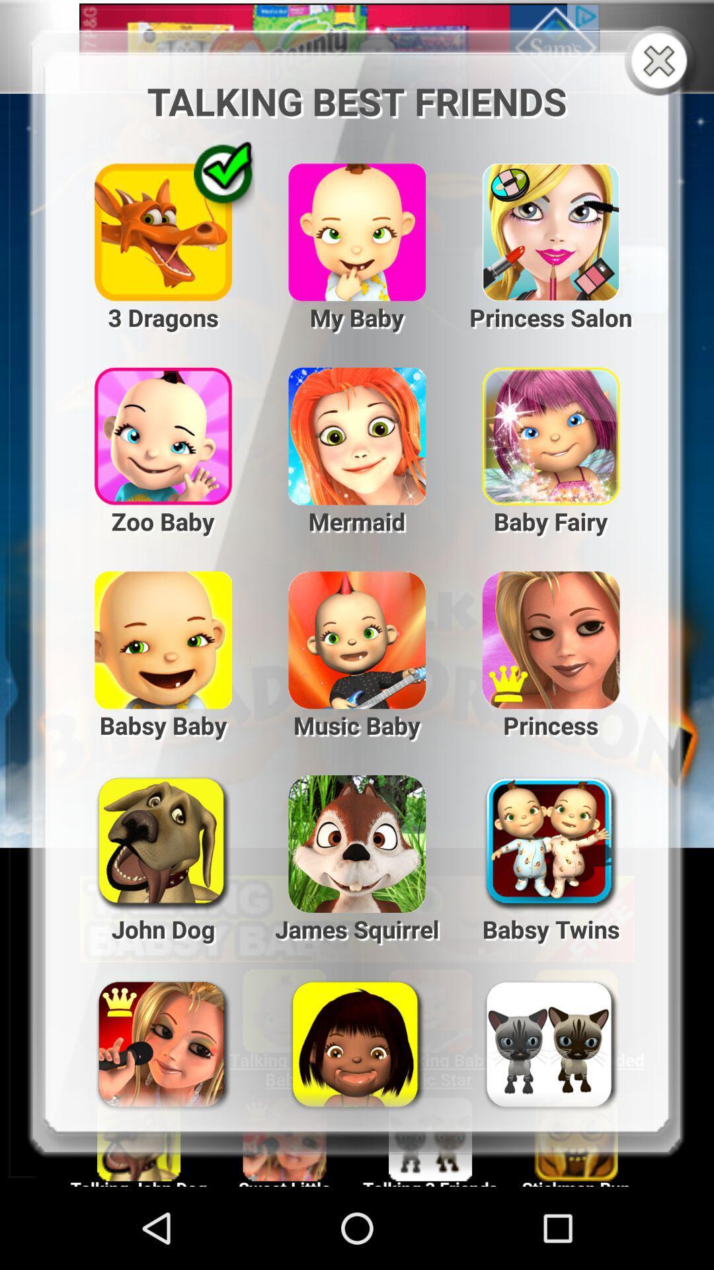  Describe the element at coordinates (662, 62) in the screenshot. I see `close` at that location.